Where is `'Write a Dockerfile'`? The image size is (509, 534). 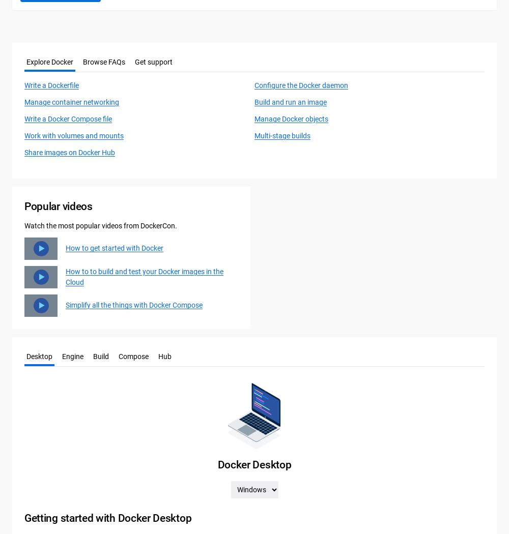
'Write a Dockerfile' is located at coordinates (51, 85).